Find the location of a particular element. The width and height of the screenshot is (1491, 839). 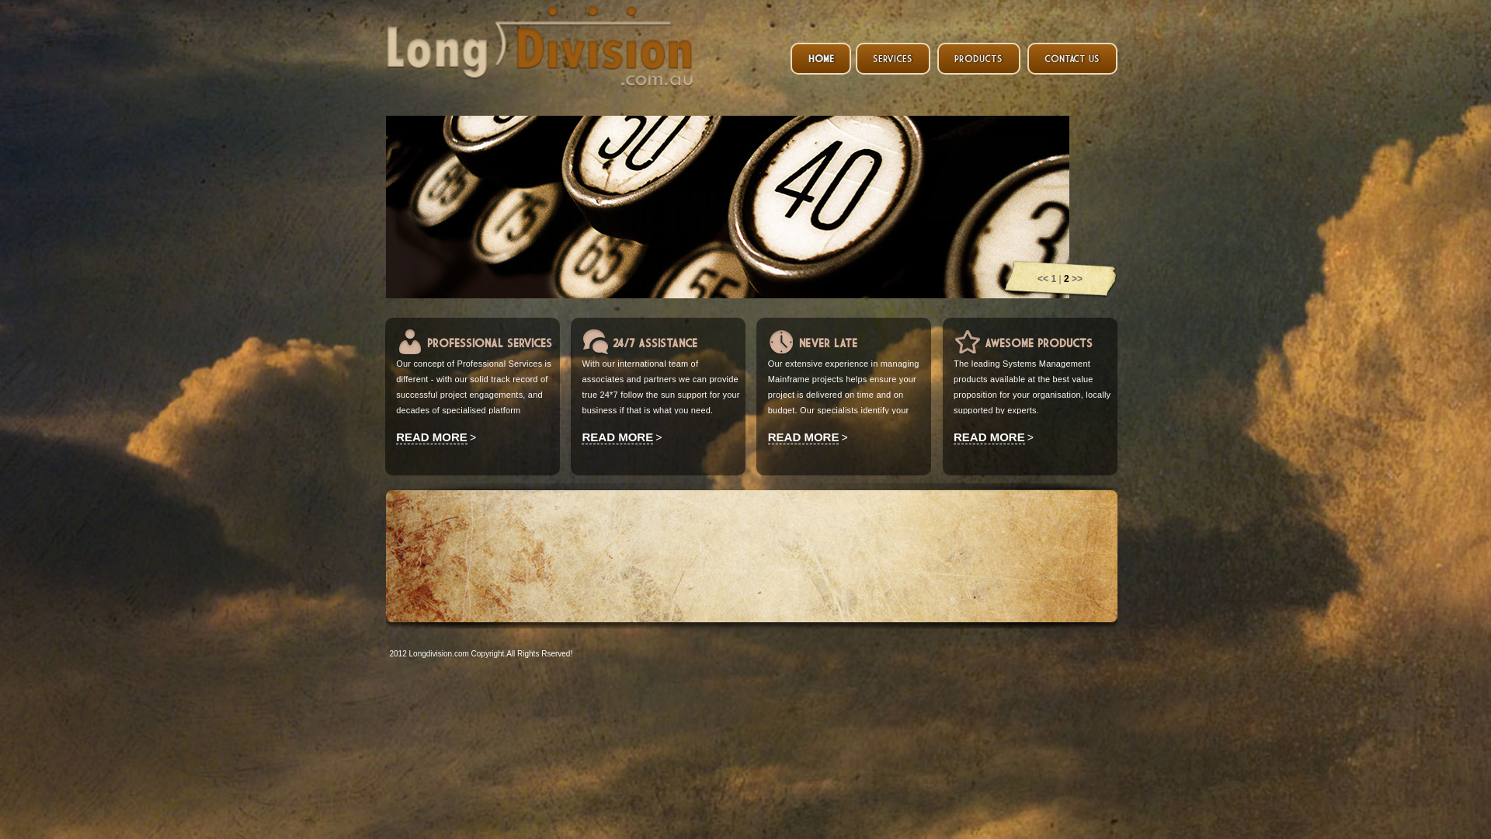

'READ MORE' is located at coordinates (432, 437).